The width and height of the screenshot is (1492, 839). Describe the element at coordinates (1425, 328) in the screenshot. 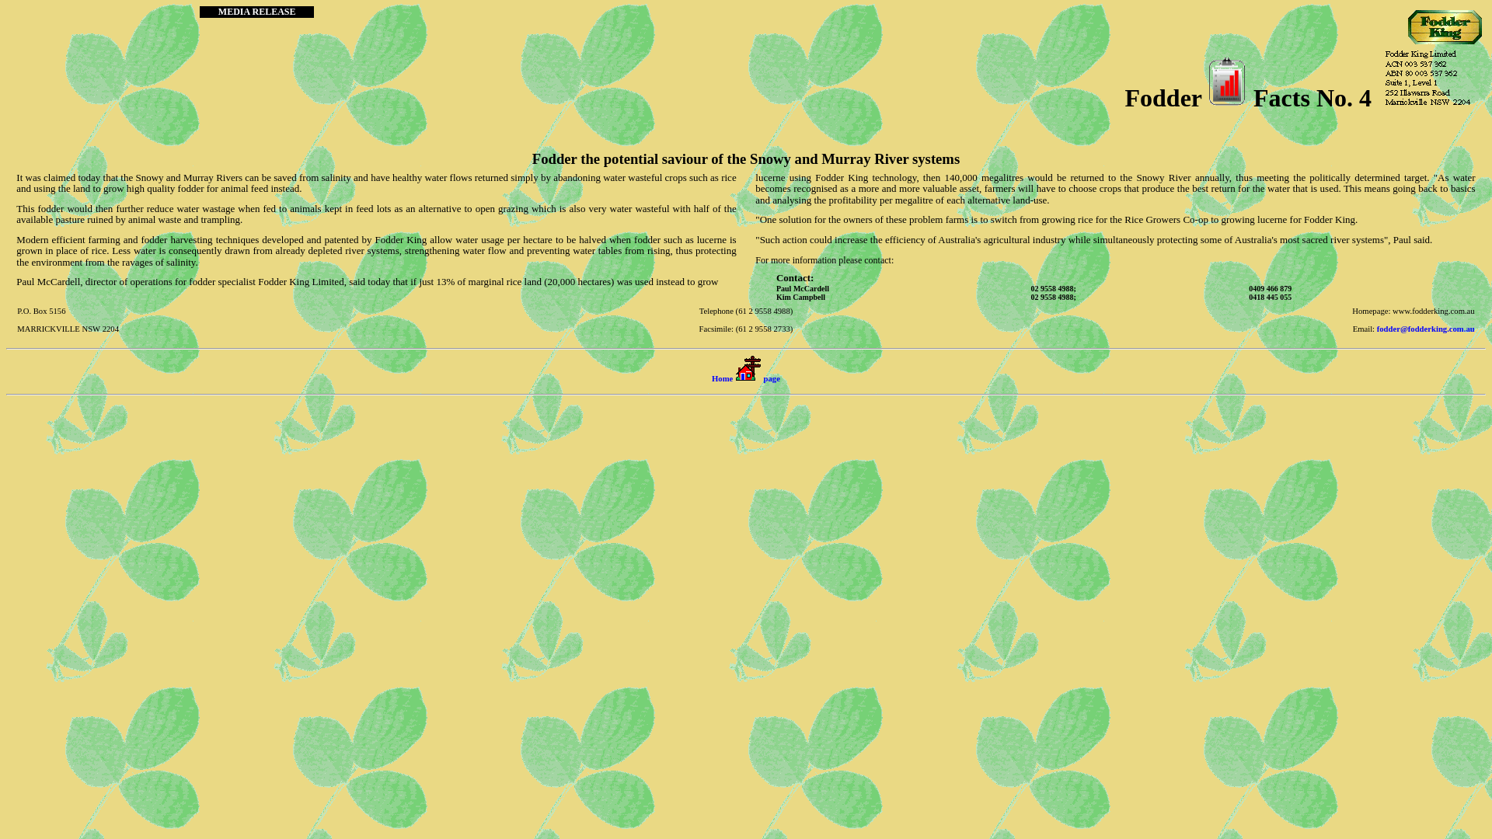

I see `'fodder@fodderking.com.au'` at that location.